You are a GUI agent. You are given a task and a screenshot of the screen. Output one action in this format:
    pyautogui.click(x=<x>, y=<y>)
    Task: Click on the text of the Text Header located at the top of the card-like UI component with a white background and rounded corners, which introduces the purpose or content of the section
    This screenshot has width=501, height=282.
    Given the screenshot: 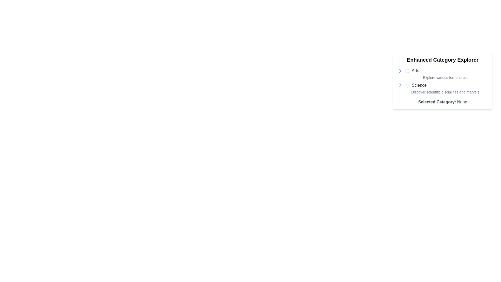 What is the action you would take?
    pyautogui.click(x=442, y=59)
    